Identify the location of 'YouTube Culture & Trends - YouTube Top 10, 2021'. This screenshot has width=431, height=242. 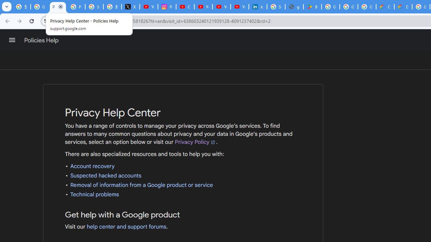
(221, 7).